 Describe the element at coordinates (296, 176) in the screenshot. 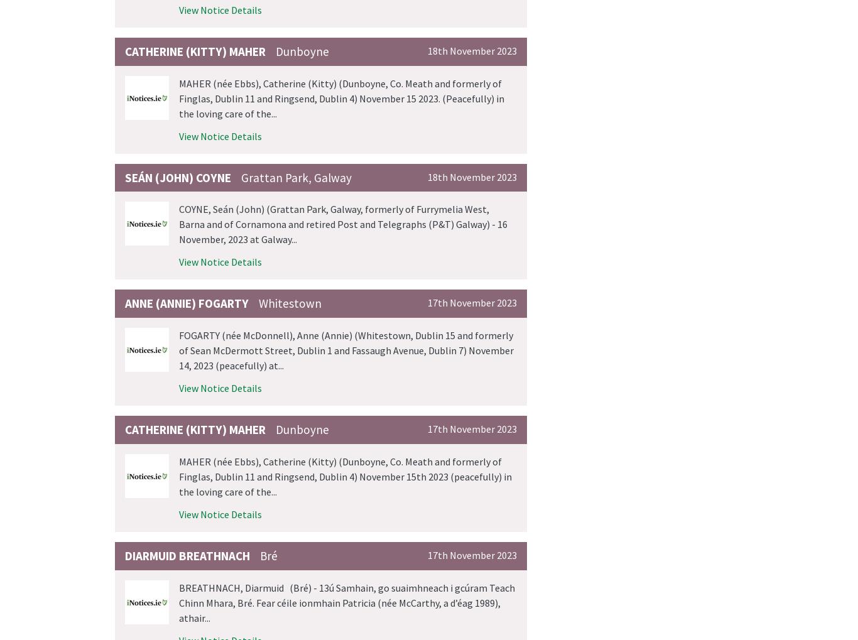

I see `'Grattan Park, Galway'` at that location.